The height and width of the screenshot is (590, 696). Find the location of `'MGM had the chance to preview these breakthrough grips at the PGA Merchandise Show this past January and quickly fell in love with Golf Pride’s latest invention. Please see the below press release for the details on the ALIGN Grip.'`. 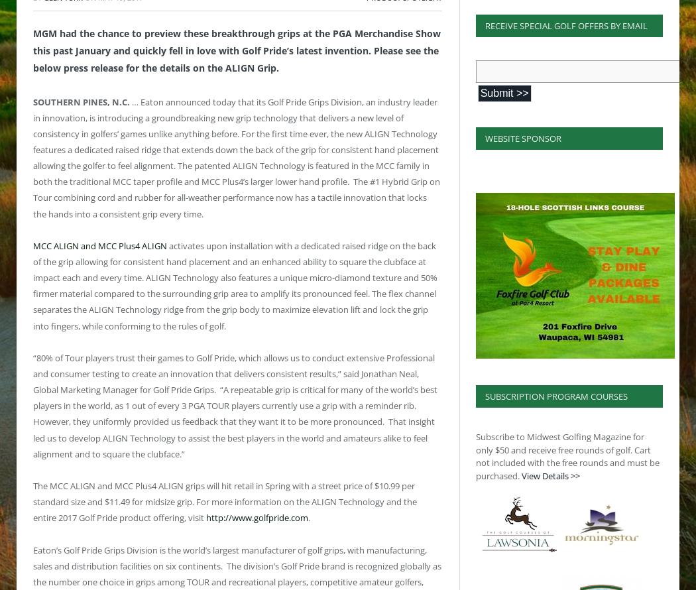

'MGM had the chance to preview these breakthrough grips at the PGA Merchandise Show this past January and quickly fell in love with Golf Pride’s latest invention. Please see the below press release for the details on the ALIGN Grip.' is located at coordinates (236, 49).